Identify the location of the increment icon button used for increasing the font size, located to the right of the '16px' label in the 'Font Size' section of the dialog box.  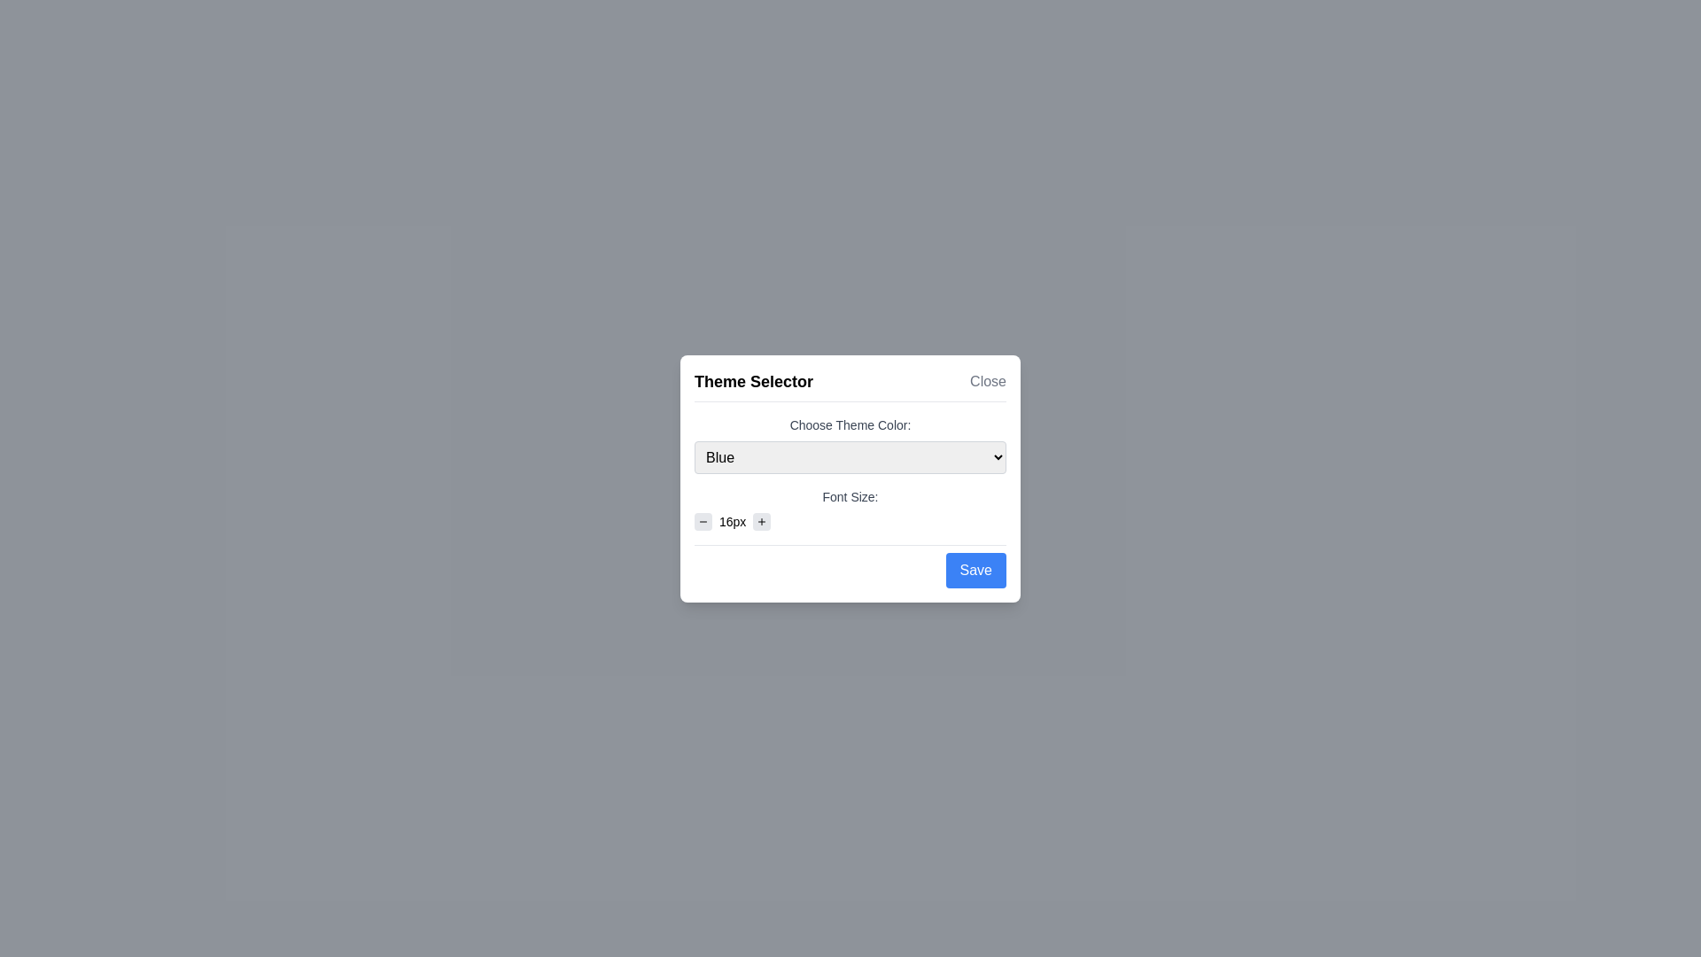
(762, 520).